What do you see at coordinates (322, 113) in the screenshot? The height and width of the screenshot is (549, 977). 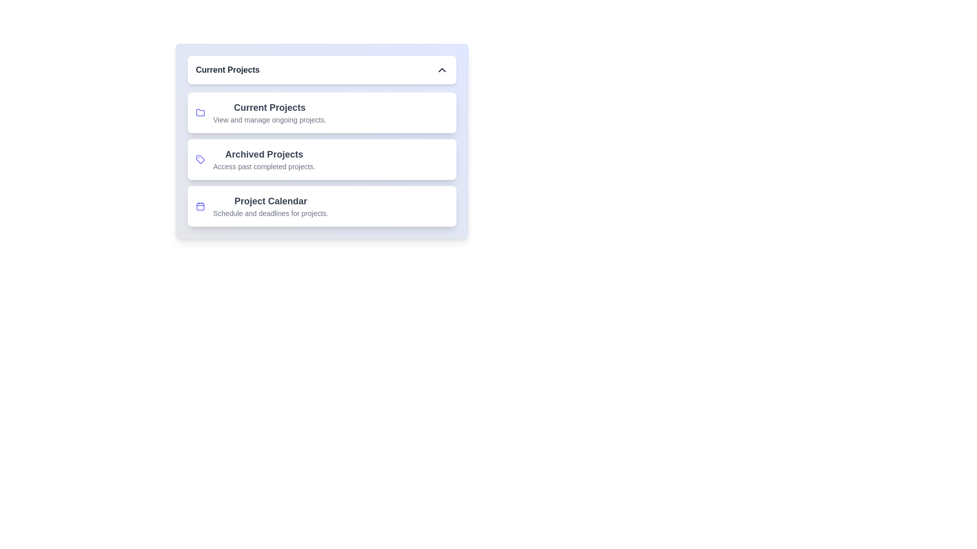 I see `the project item Current Projects from the navigation menu` at bounding box center [322, 113].